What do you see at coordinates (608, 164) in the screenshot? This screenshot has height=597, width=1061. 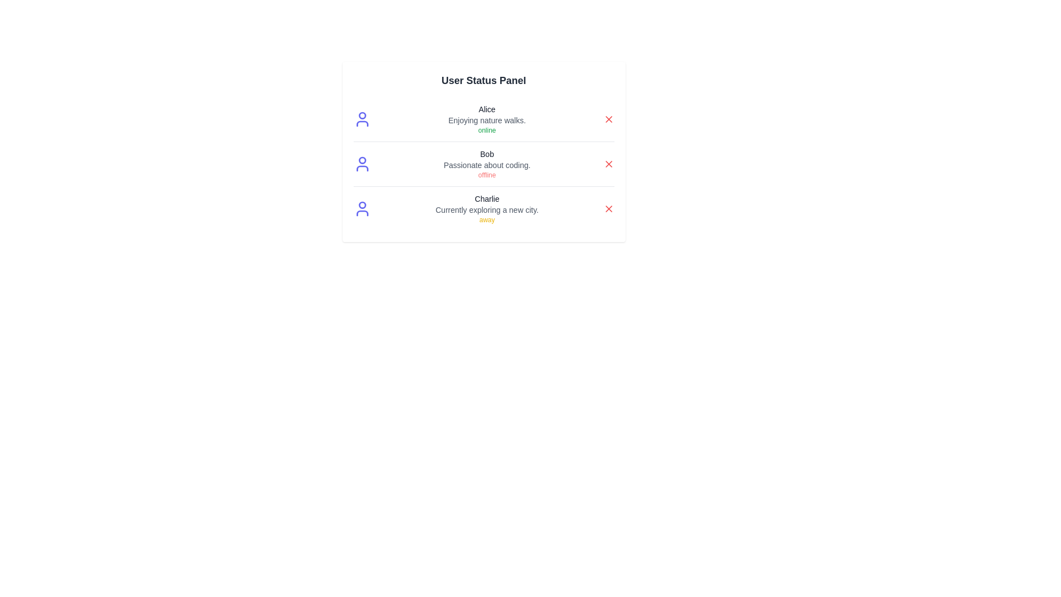 I see `the red 'X' button located on the far-right side of the row labeled 'Bob', which indicates an offline status` at bounding box center [608, 164].